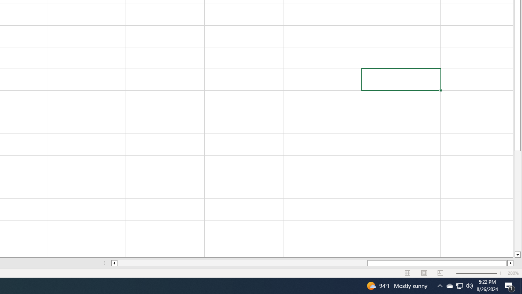 Image resolution: width=522 pixels, height=294 pixels. I want to click on 'Line down', so click(517, 254).